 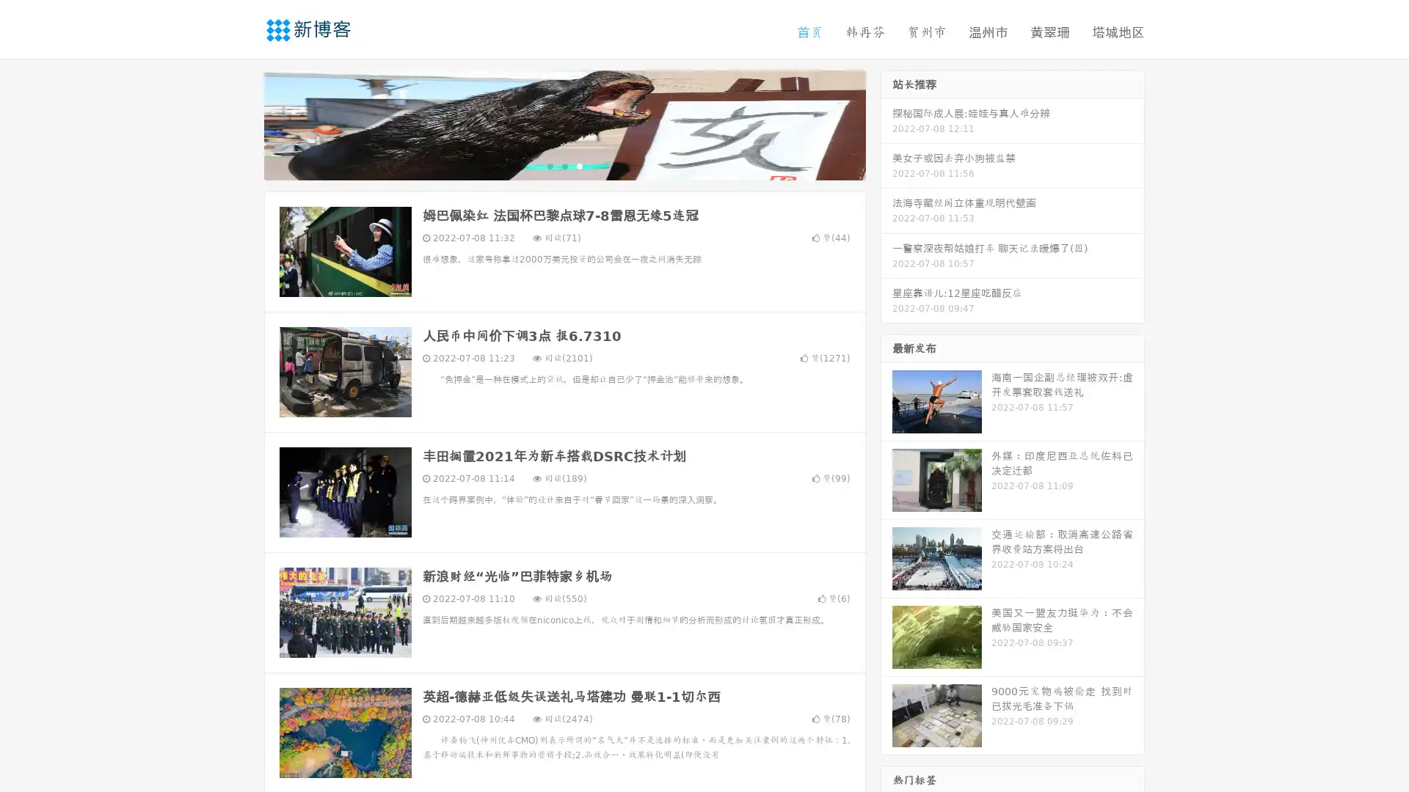 What do you see at coordinates (564, 165) in the screenshot?
I see `Go to slide 2` at bounding box center [564, 165].